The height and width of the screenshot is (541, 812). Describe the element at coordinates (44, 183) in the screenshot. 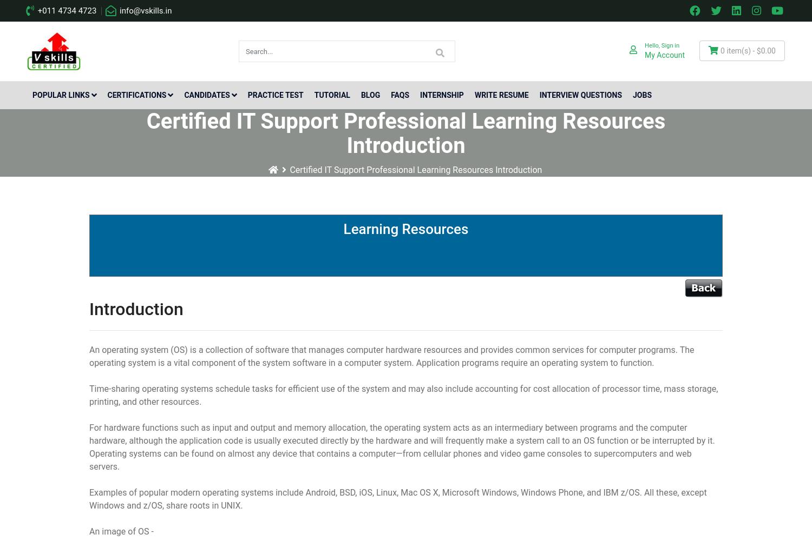

I see `'Cloud Computing'` at that location.